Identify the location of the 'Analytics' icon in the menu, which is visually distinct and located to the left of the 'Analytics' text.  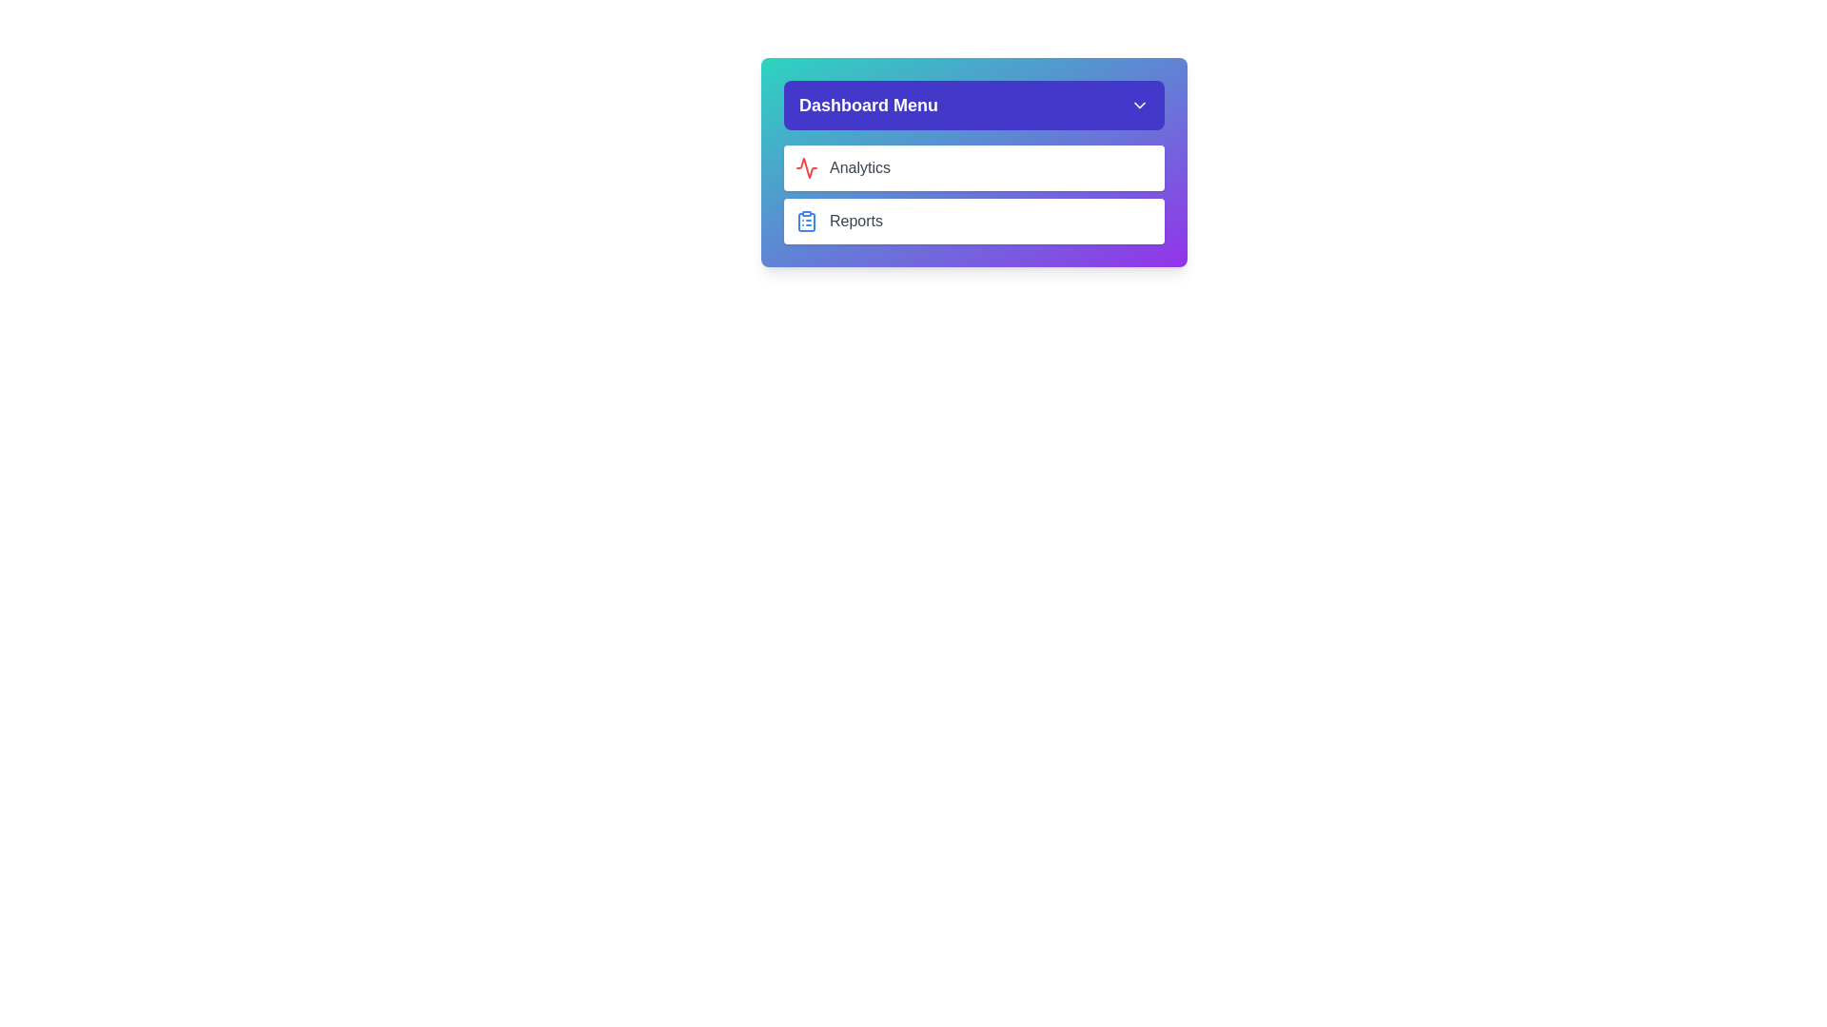
(807, 167).